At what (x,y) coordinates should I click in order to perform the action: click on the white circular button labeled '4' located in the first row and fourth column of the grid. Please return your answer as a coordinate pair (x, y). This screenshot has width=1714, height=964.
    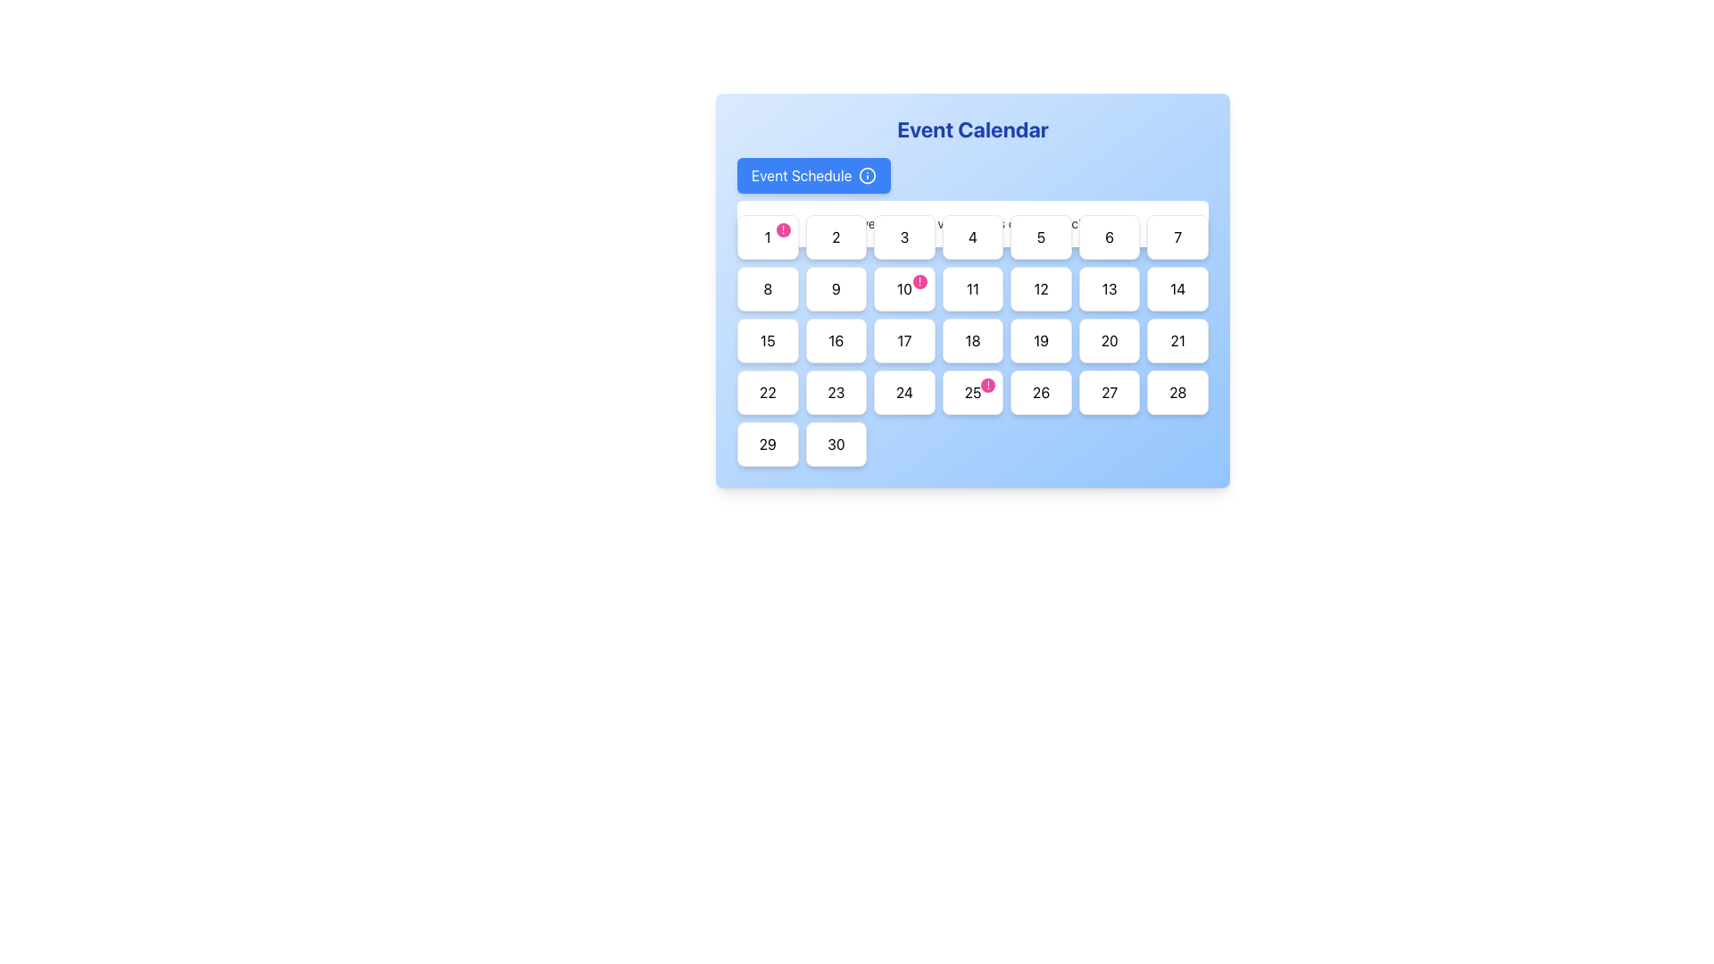
    Looking at the image, I should click on (971, 237).